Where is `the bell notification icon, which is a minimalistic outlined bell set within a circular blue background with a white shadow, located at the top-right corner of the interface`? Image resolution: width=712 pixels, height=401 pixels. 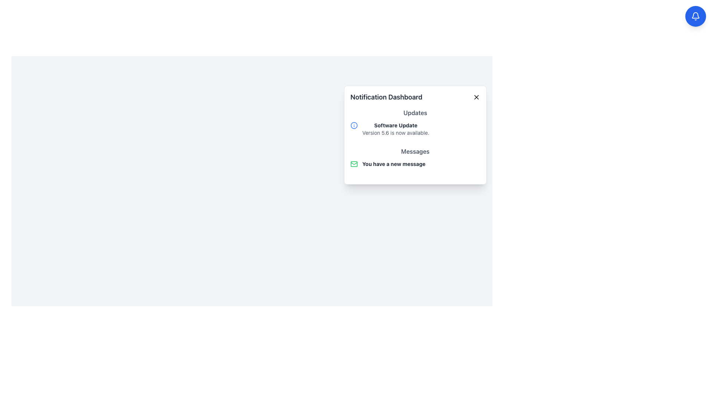
the bell notification icon, which is a minimalistic outlined bell set within a circular blue background with a white shadow, located at the top-right corner of the interface is located at coordinates (695, 16).